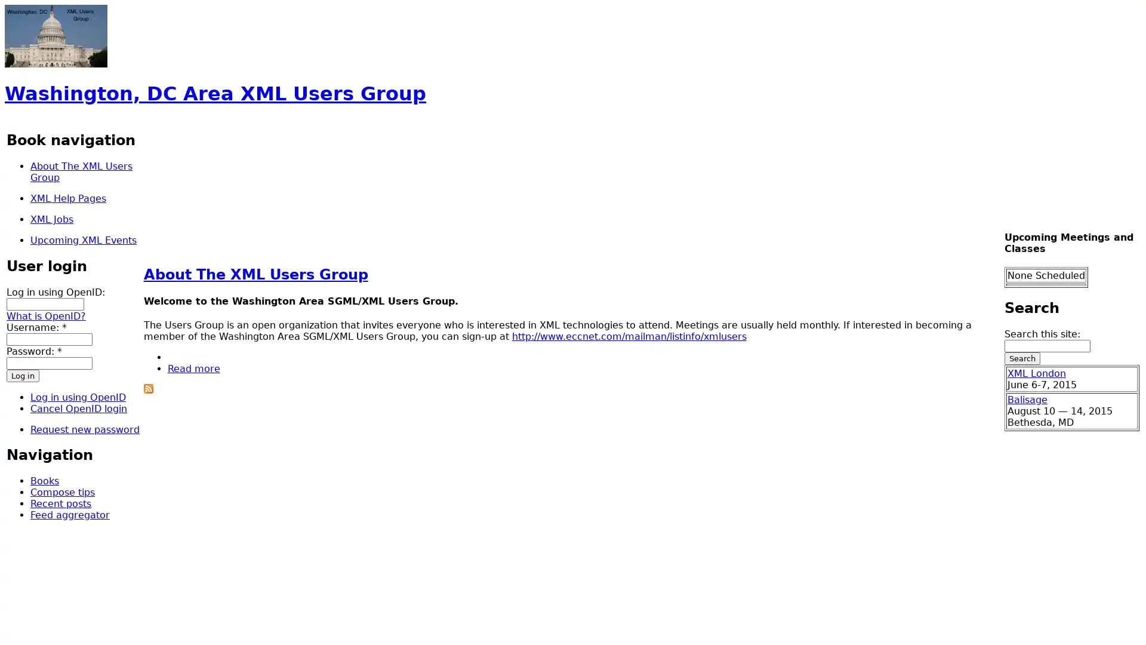  What do you see at coordinates (1021, 358) in the screenshot?
I see `Search` at bounding box center [1021, 358].